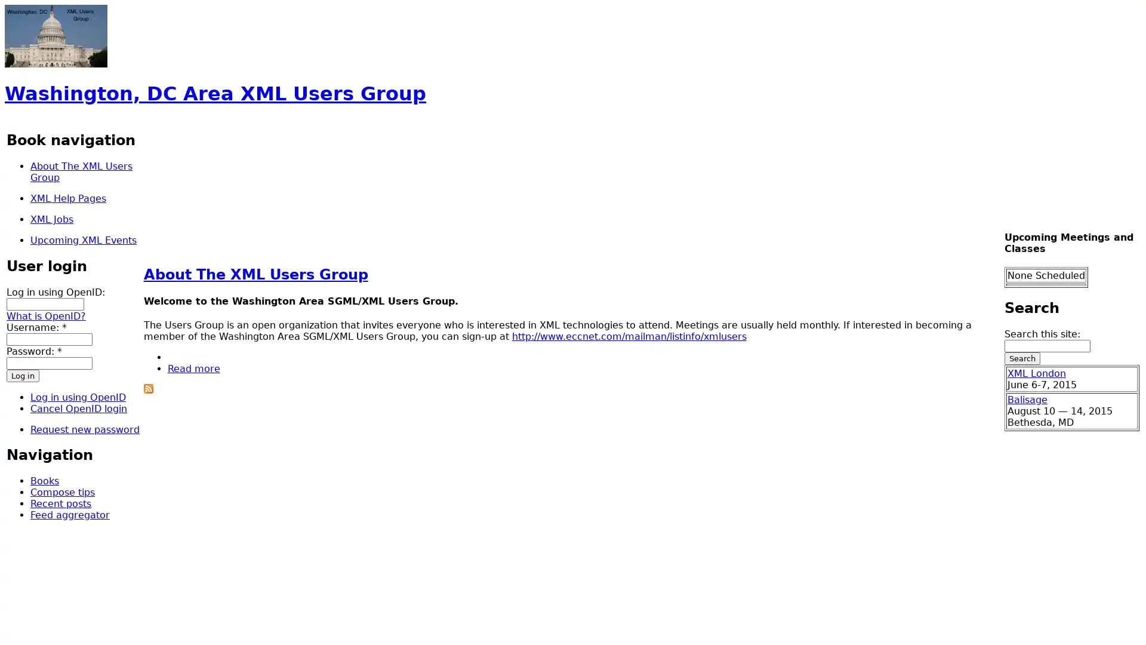  What do you see at coordinates (1021, 358) in the screenshot?
I see `Search` at bounding box center [1021, 358].